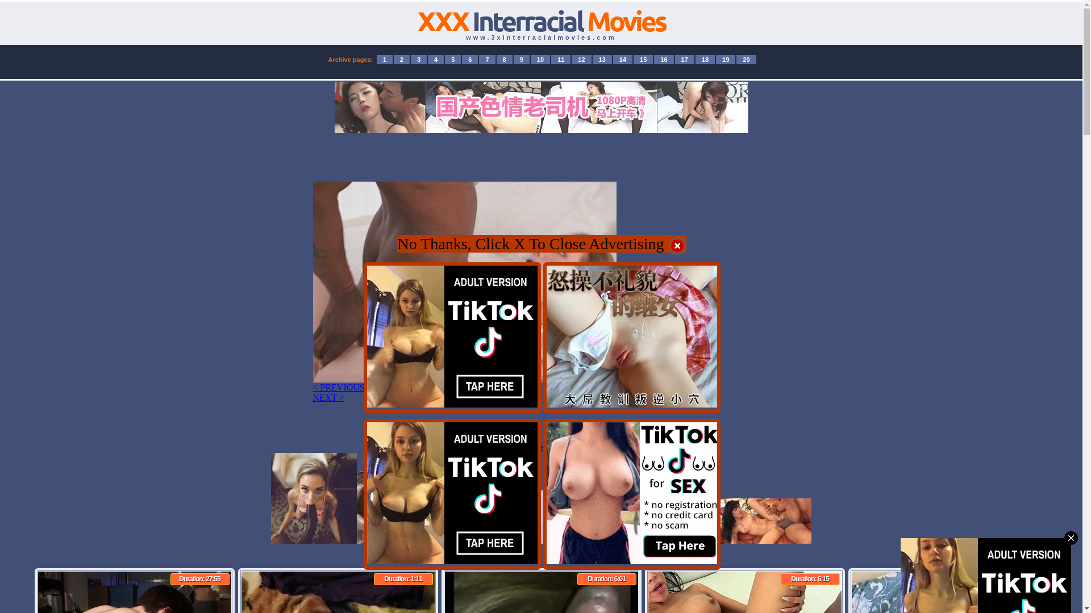 The image size is (1091, 613). Describe the element at coordinates (504, 59) in the screenshot. I see `'8'` at that location.